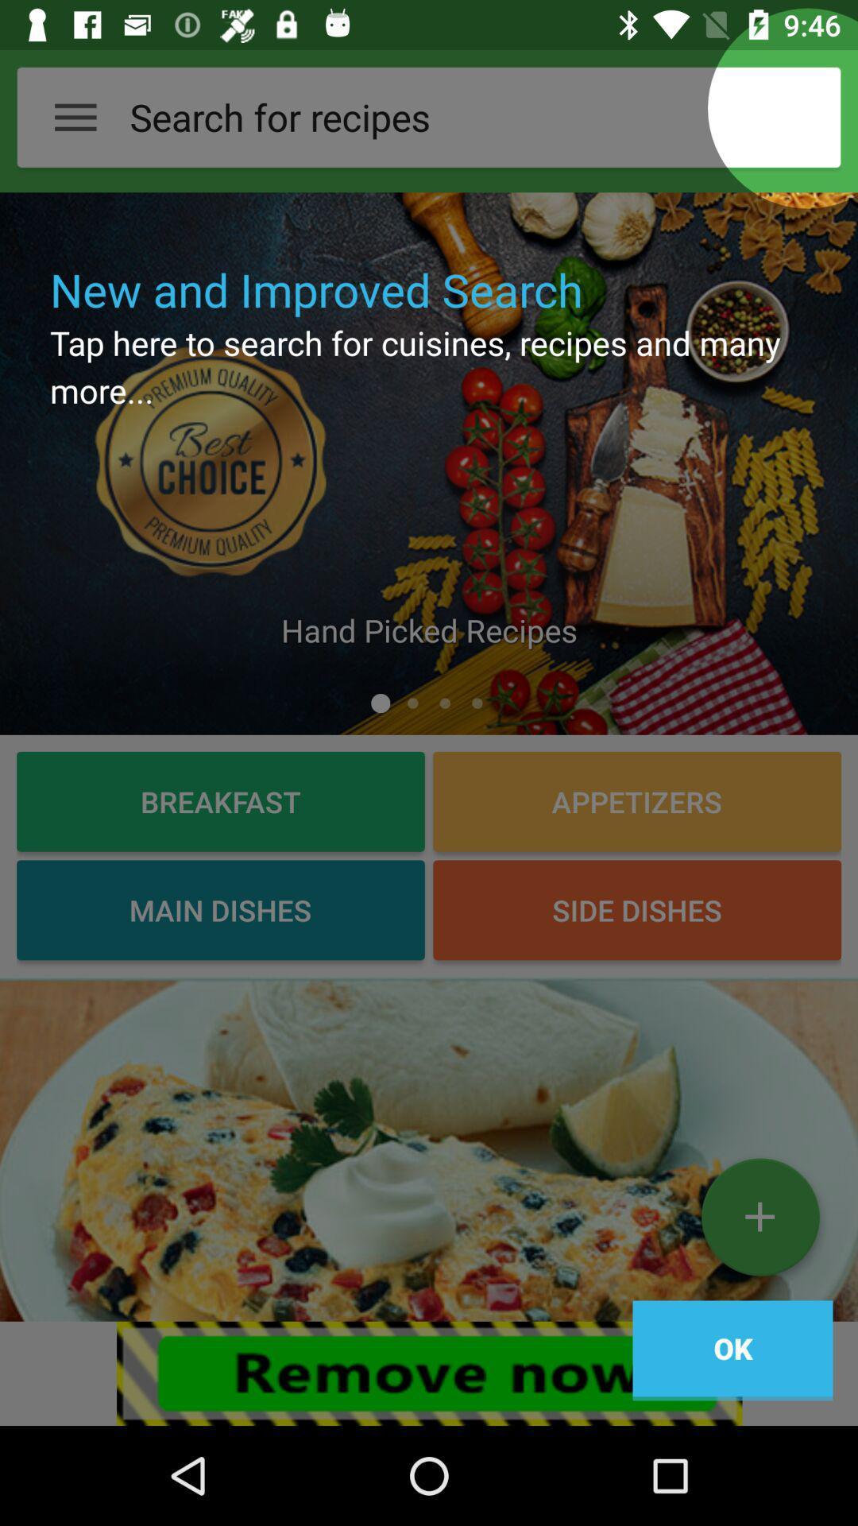 The width and height of the screenshot is (858, 1526). Describe the element at coordinates (429, 1148) in the screenshot. I see `advertisement` at that location.